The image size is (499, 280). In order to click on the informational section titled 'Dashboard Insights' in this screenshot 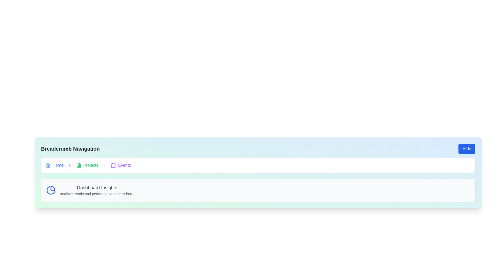, I will do `click(258, 190)`.